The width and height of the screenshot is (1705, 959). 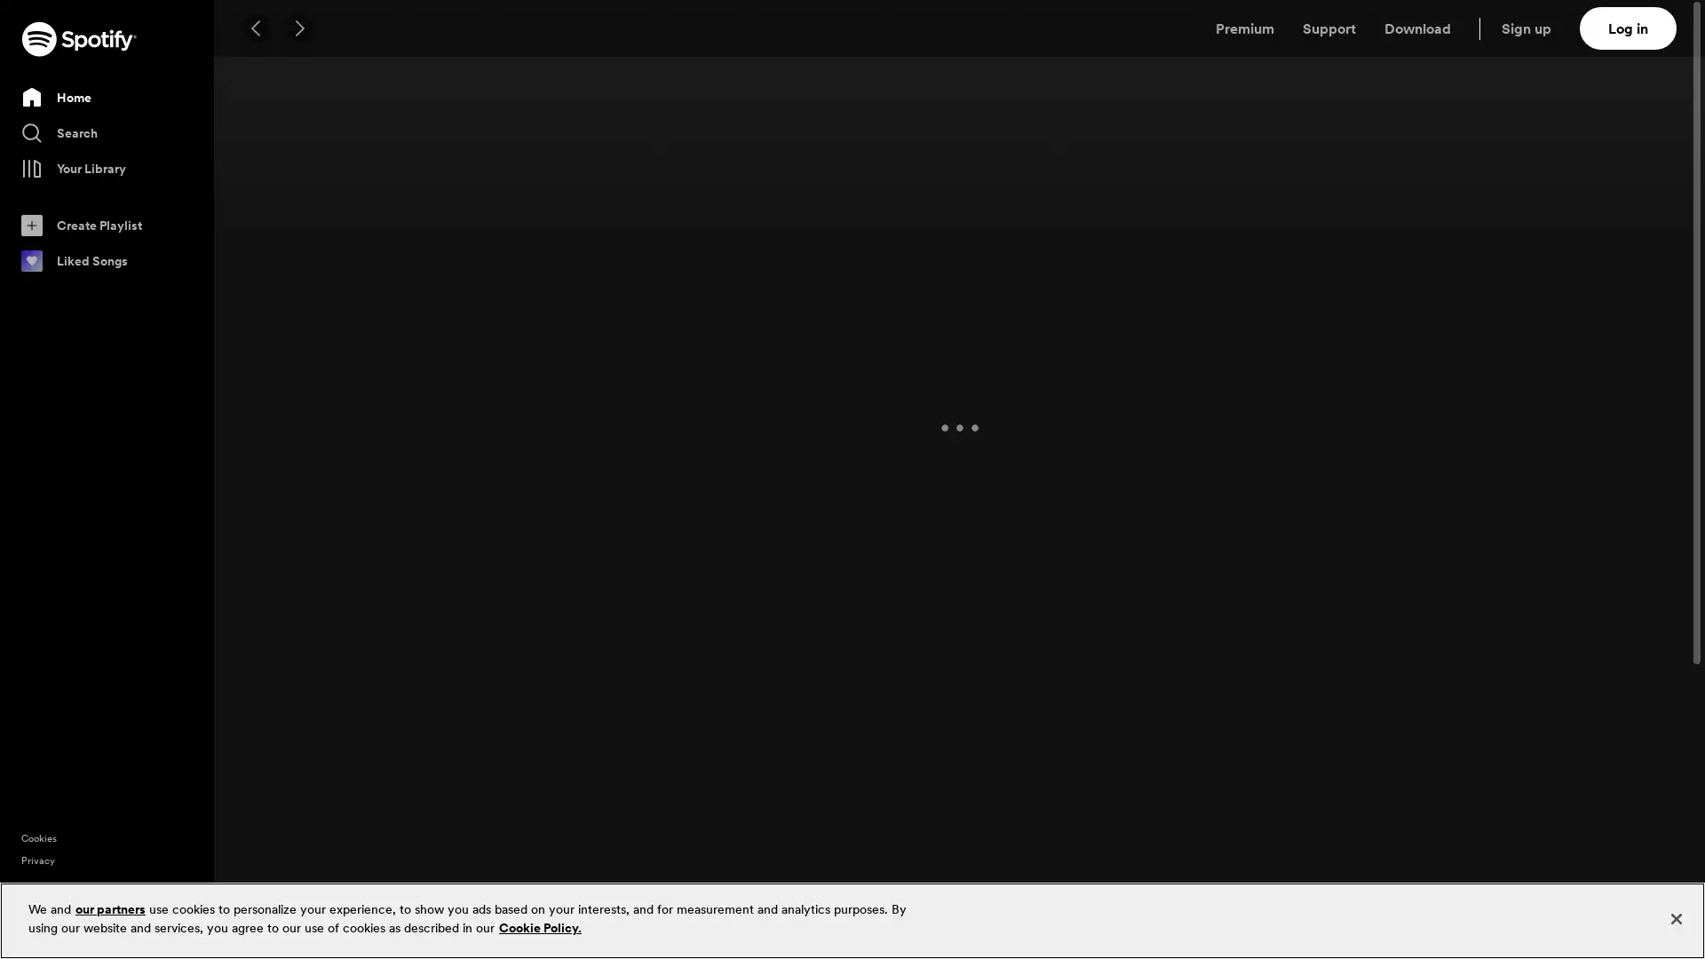 I want to click on Play Jazz Vibes, so click(x=1086, y=568).